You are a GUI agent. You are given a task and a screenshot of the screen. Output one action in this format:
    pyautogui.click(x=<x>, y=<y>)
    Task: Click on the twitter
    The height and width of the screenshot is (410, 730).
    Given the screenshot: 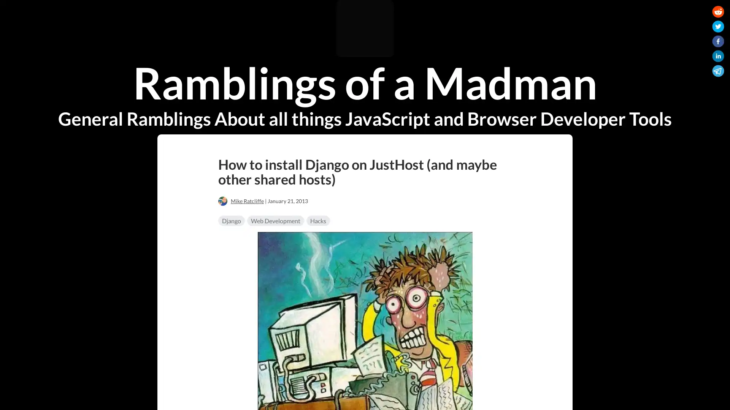 What is the action you would take?
    pyautogui.click(x=718, y=27)
    